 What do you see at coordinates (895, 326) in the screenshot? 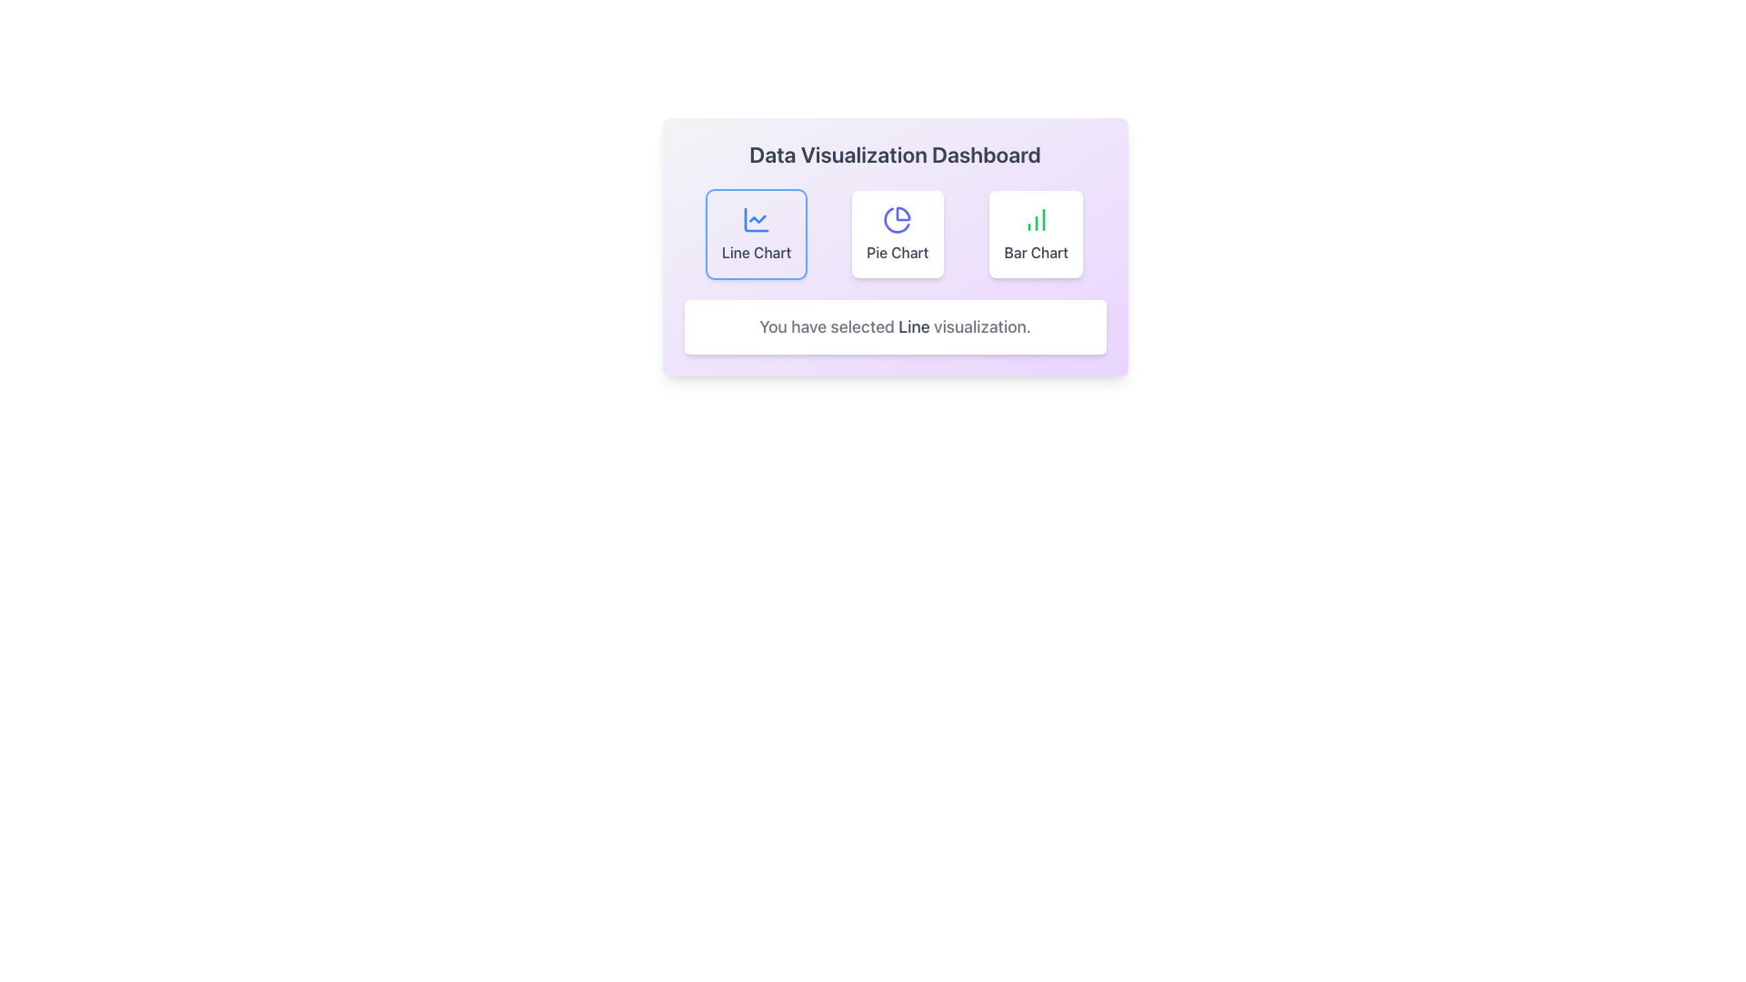
I see `text displayed in the white box with rounded corners that contains the message 'You have selected Line visualization.' This box is located beneath the chart selection buttons within the 'Data Visualization Dashboard'` at bounding box center [895, 326].